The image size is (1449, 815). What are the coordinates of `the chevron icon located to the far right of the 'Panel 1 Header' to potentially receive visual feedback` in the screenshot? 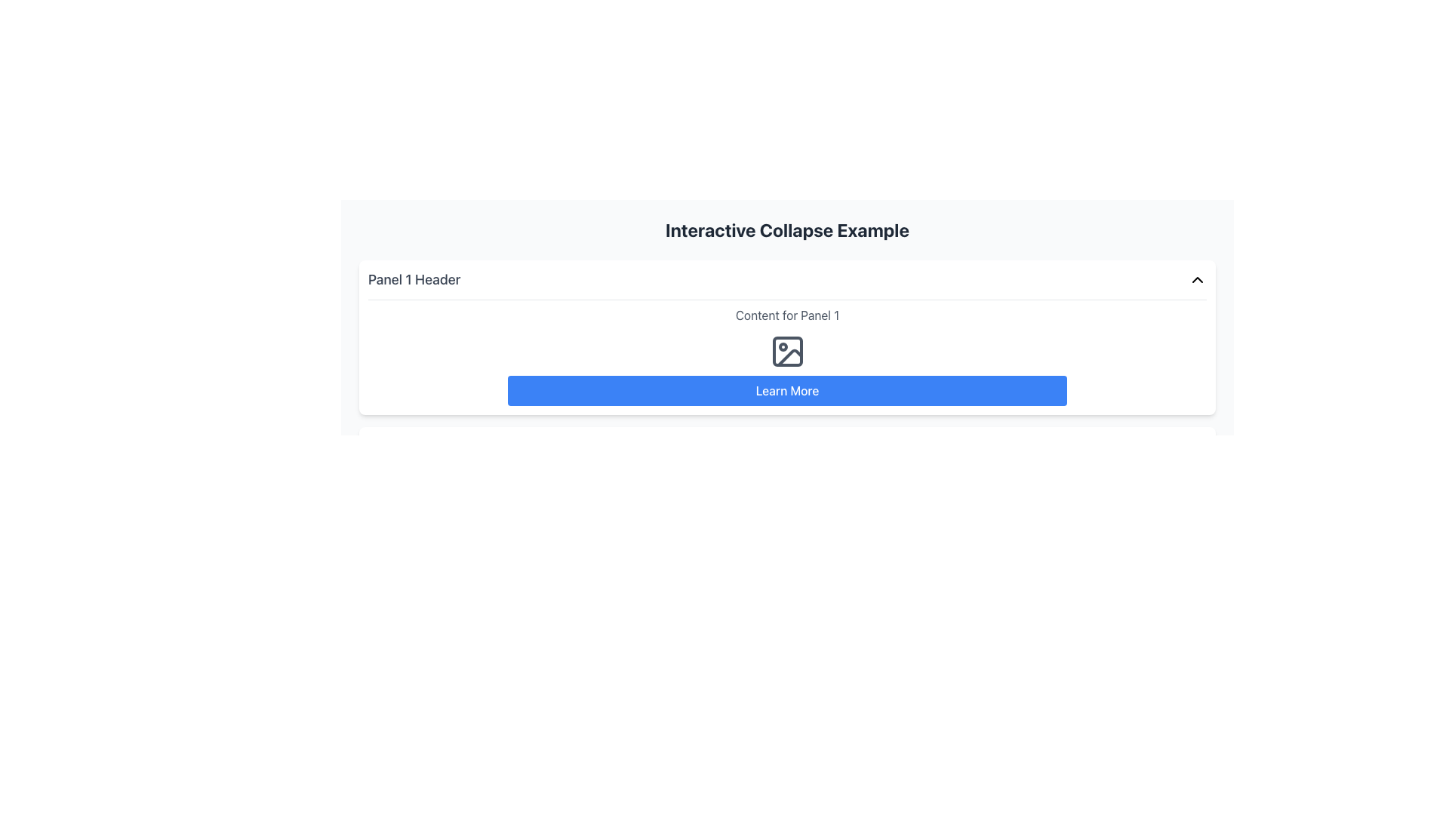 It's located at (1197, 279).